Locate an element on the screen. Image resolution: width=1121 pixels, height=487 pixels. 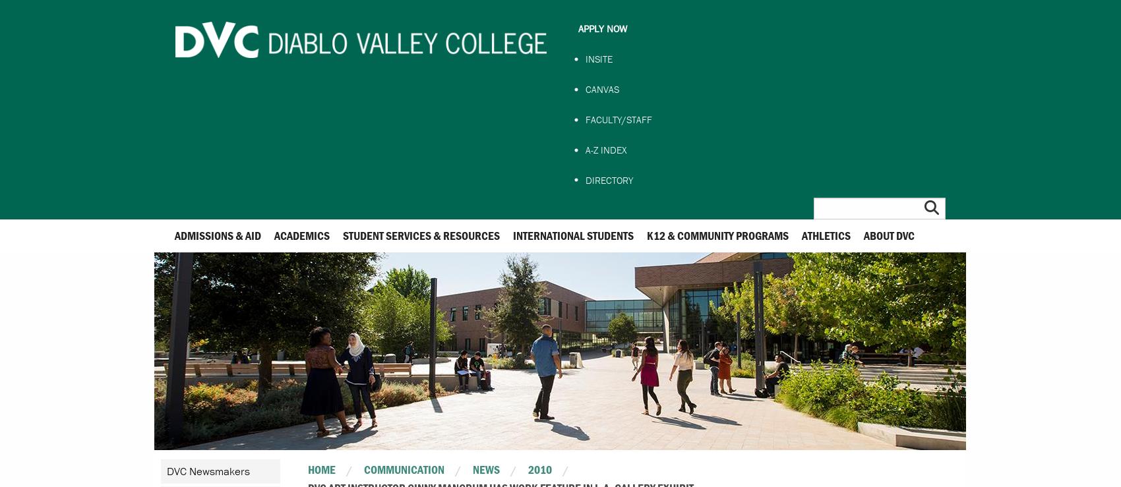
'Communication' is located at coordinates (403, 469).